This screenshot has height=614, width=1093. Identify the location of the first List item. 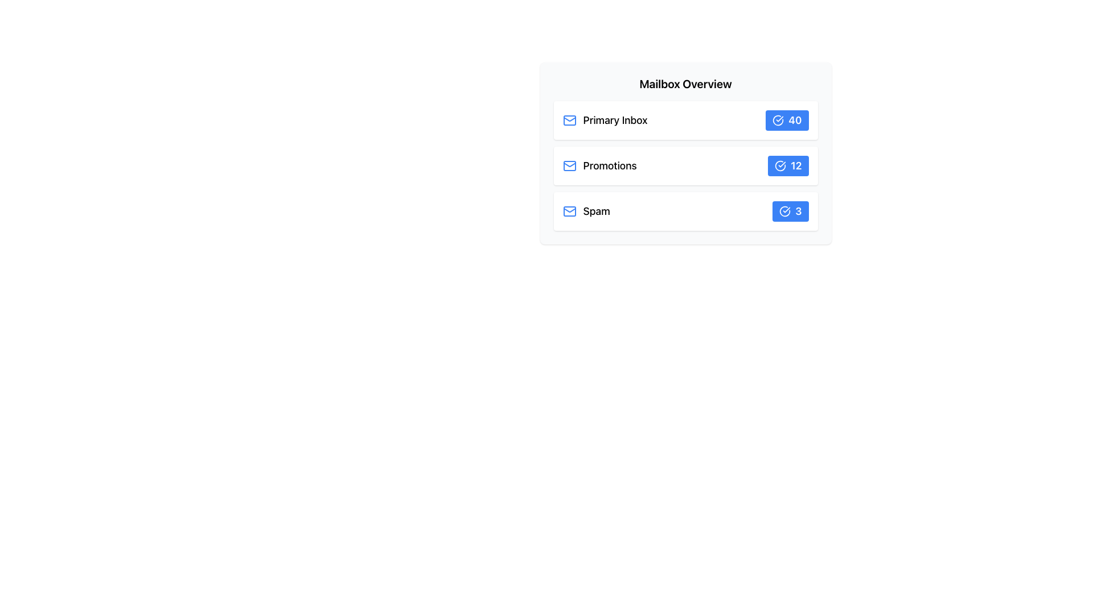
(685, 121).